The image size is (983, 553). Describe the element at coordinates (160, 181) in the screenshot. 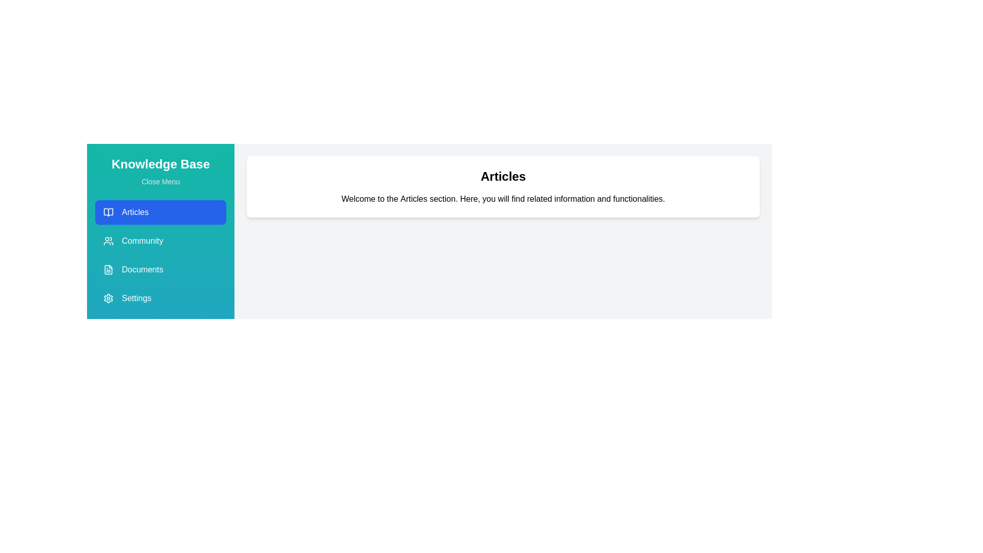

I see `the 'Close Menu' button to toggle the drawer visibility` at that location.